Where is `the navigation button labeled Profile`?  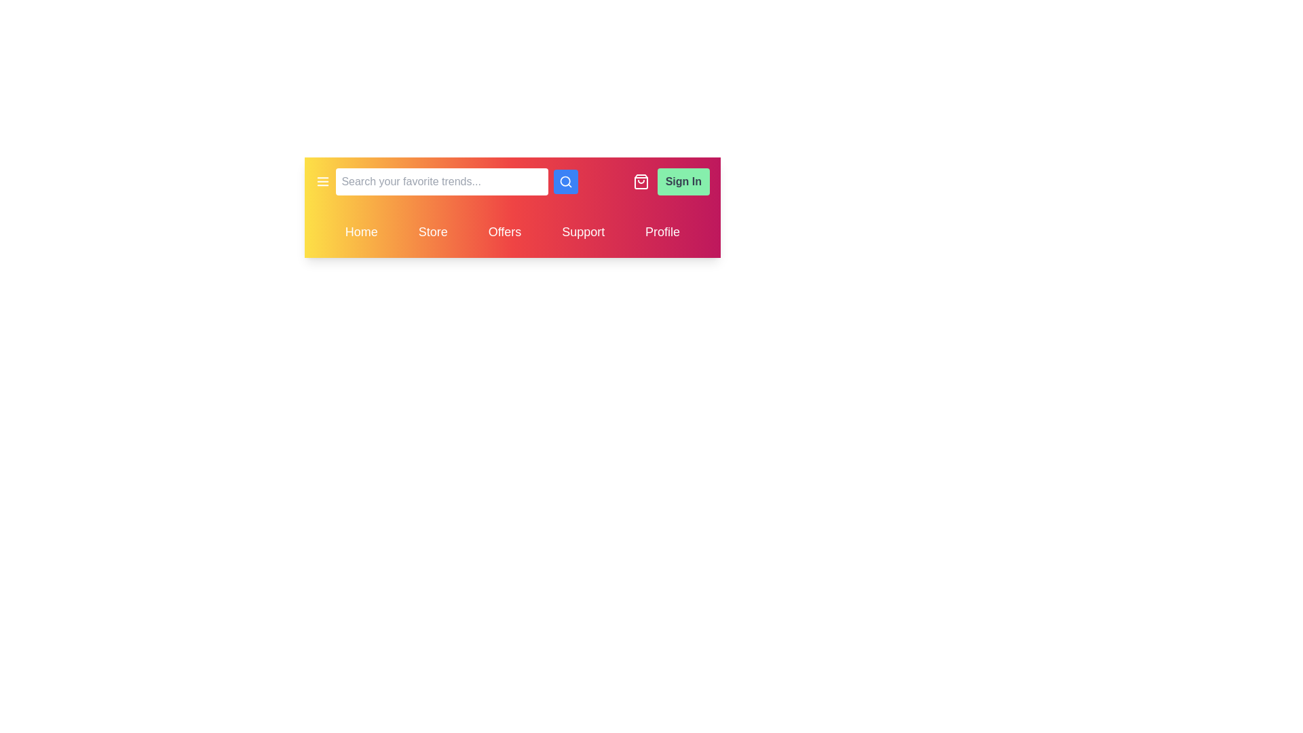 the navigation button labeled Profile is located at coordinates (662, 231).